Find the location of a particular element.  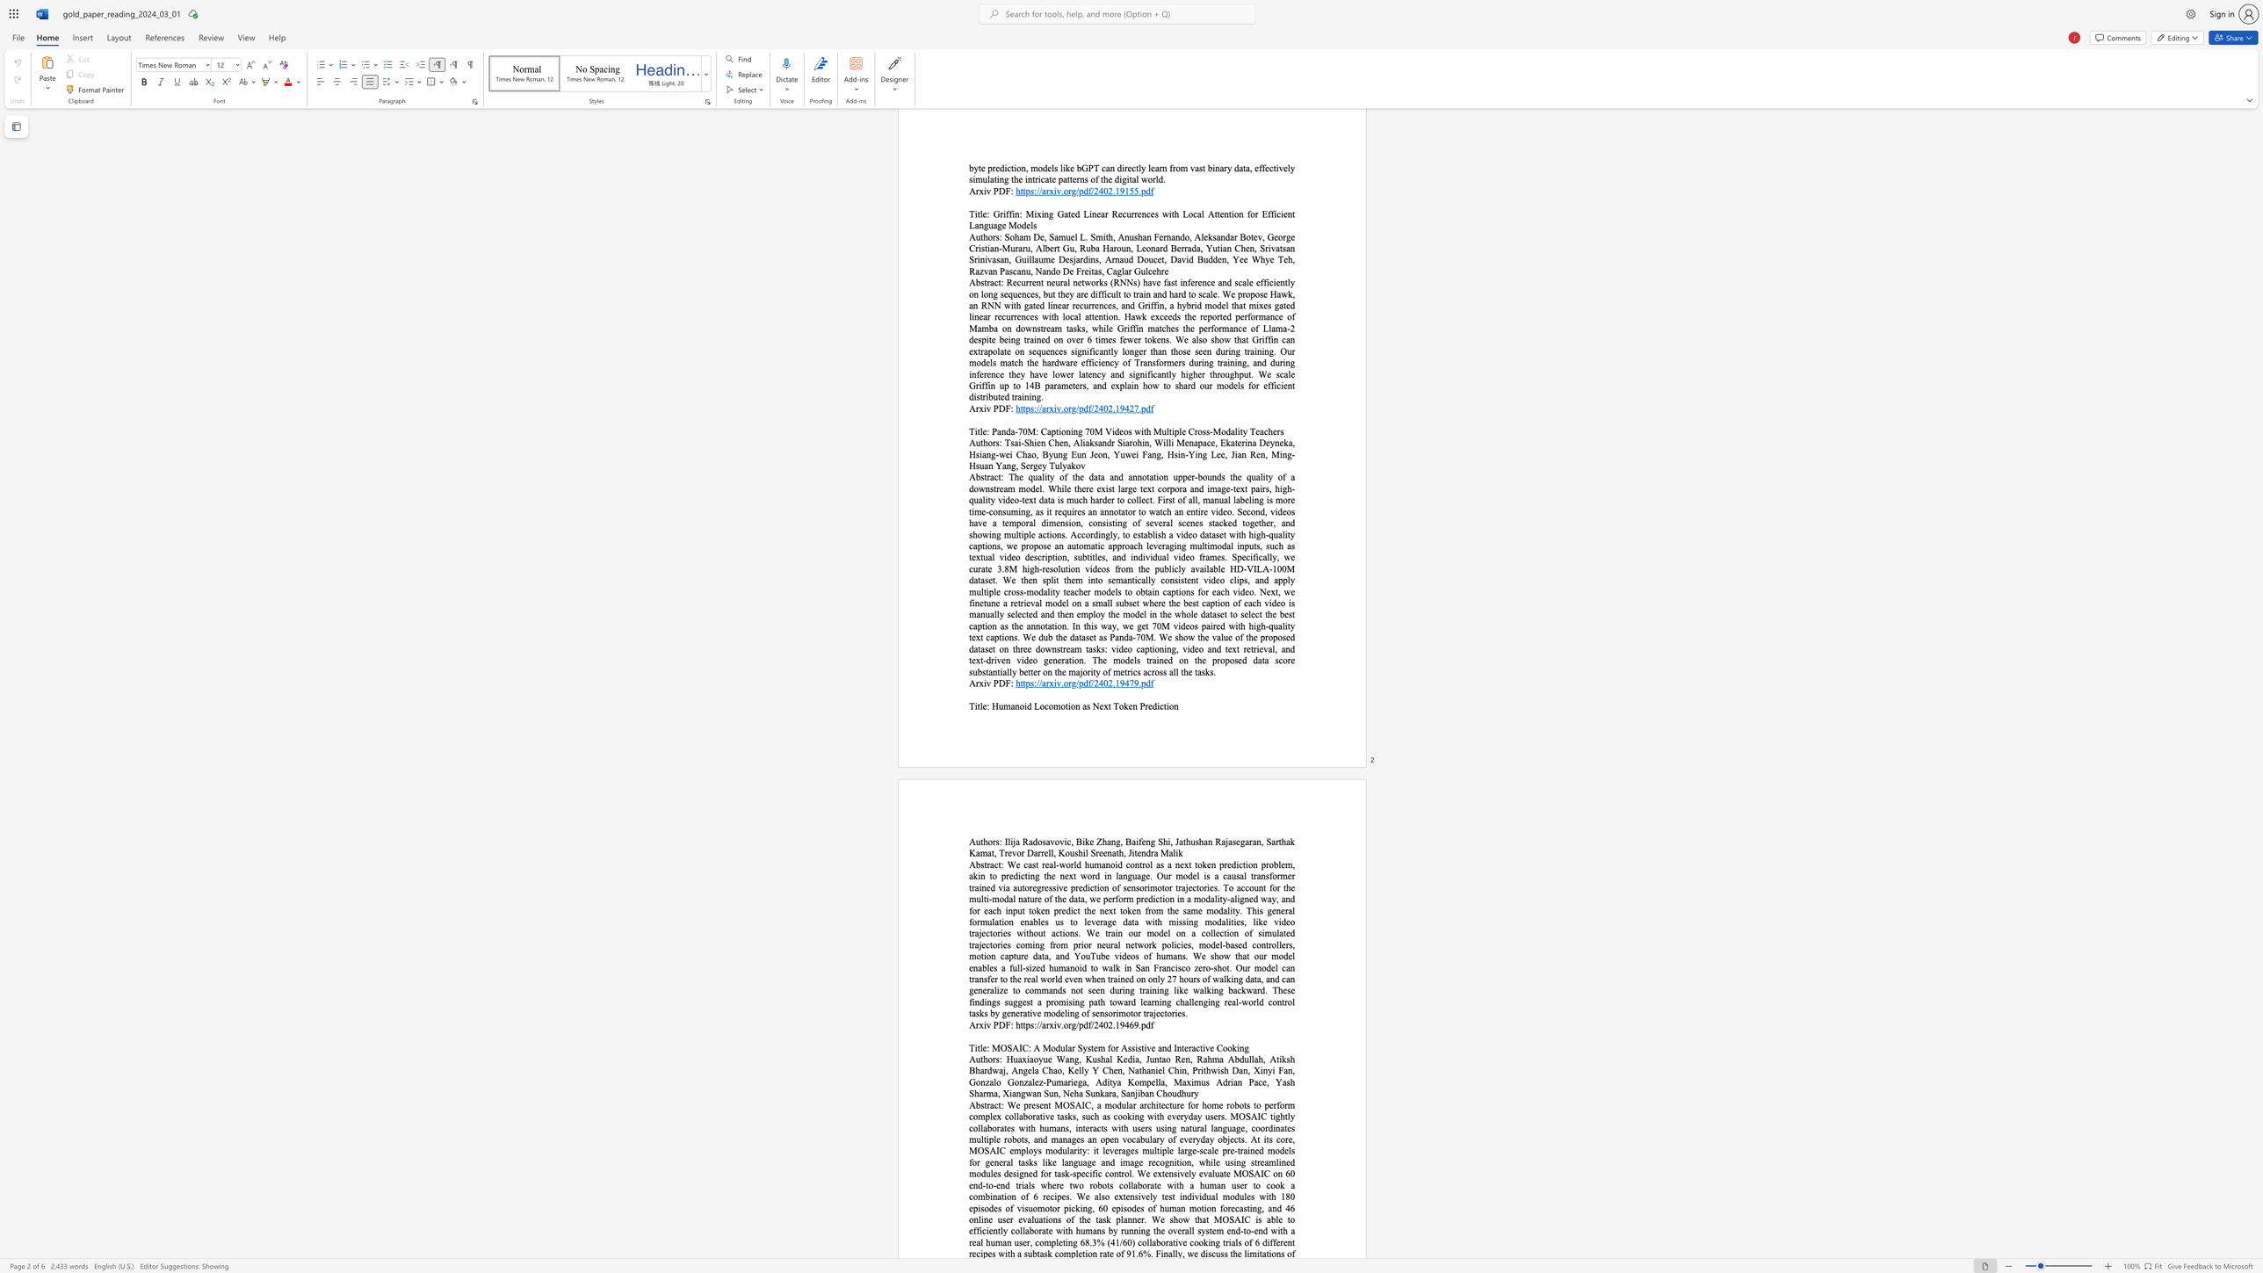

the subset text "hin, Prithwish Dan, Xinyi Fan, Gonzalo Gonzalez-Pumariega, Aditya Kompella, Maximus Adrian P" within the text "Huaxiaoyue Wang, Kushal Kedia, Juntao Ren, Rahma Abdullah, Atiksh Bhardwaj, Angela Chao, Kelly Y Chen, Nathaniel Chin, Prithwish Dan, Xinyi Fan, Gonzalo Gonzalez-Pumariega, Aditya Kompella, Maximus Adrian Pace, Yash Sharma, Xiangwan Sun, Neha Sunkara, Sanjiban Choudhury" is located at coordinates (1174, 1070).